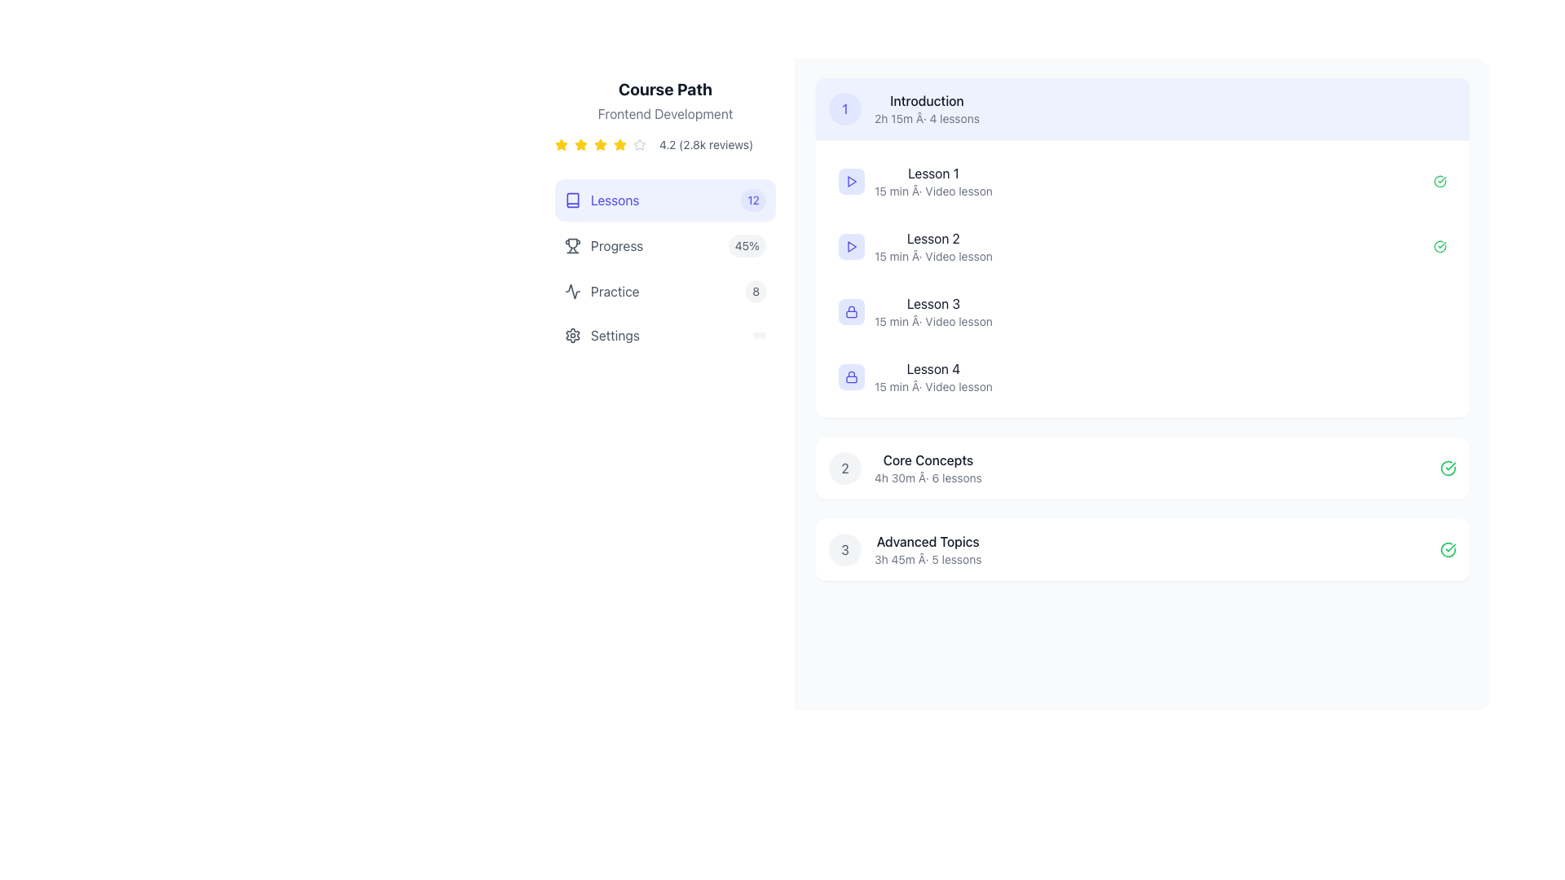 The width and height of the screenshot is (1565, 880). I want to click on the lesson item titled 'Lesson 2' in the course interface, so click(1141, 247).